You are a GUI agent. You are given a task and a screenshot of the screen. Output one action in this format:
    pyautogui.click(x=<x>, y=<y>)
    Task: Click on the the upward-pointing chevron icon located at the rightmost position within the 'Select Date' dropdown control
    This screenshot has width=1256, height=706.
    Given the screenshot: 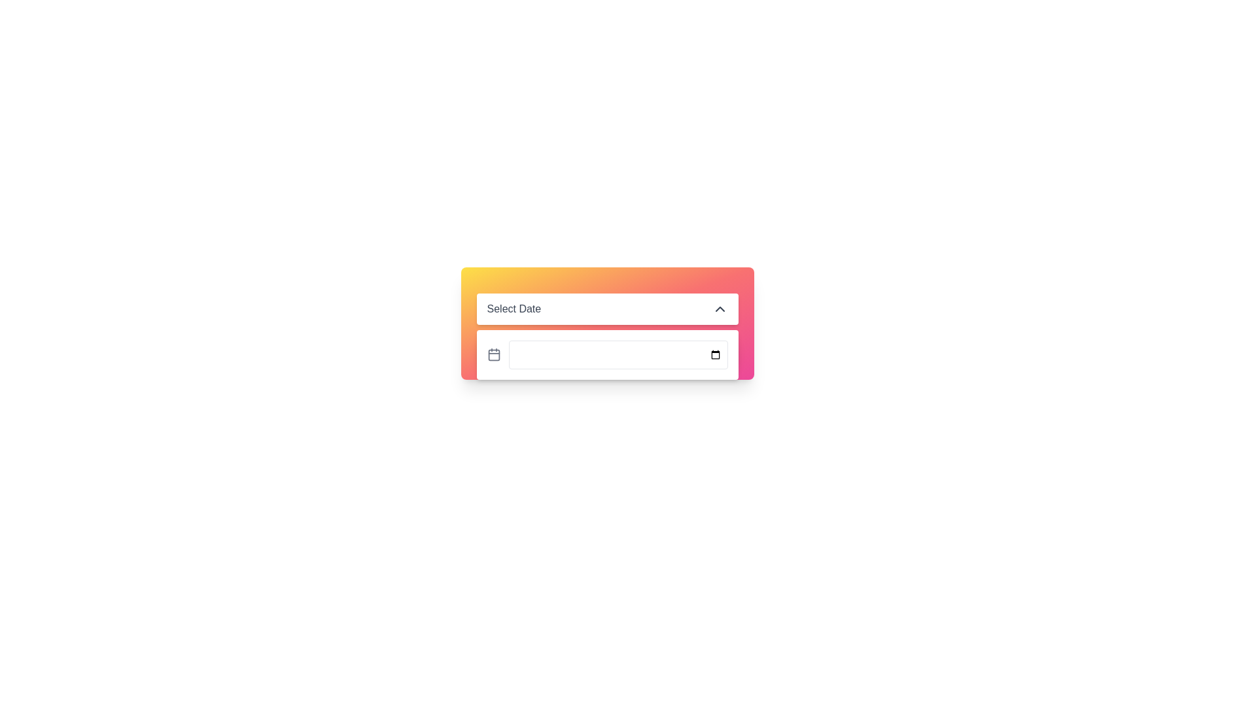 What is the action you would take?
    pyautogui.click(x=719, y=309)
    